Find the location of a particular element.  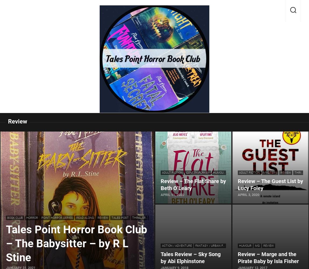

'Horror' is located at coordinates (32, 217).